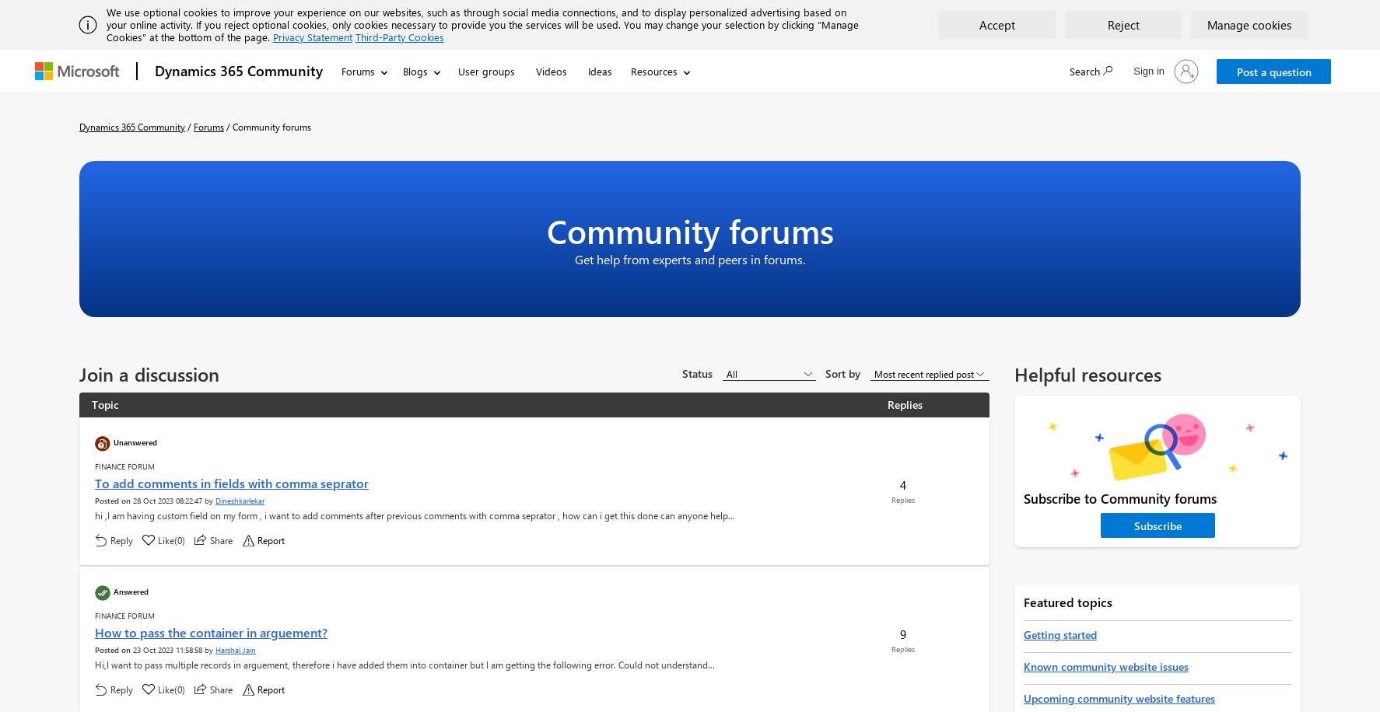  What do you see at coordinates (690, 258) in the screenshot?
I see `'Get help from experts and peers in forums.'` at bounding box center [690, 258].